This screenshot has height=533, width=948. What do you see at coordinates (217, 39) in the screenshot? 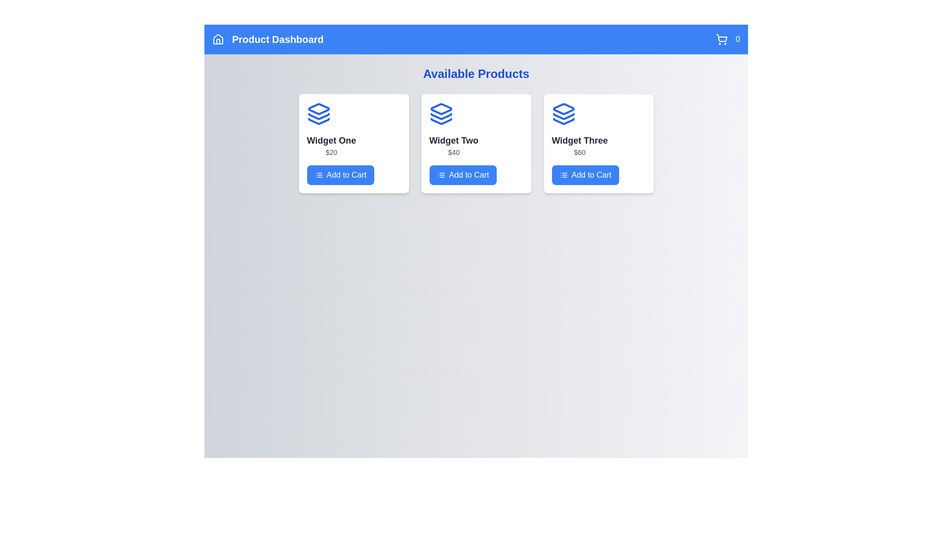
I see `the home icon located in the top-left corner of the navigation bar, adjacent to 'Product Dashboard'` at bounding box center [217, 39].